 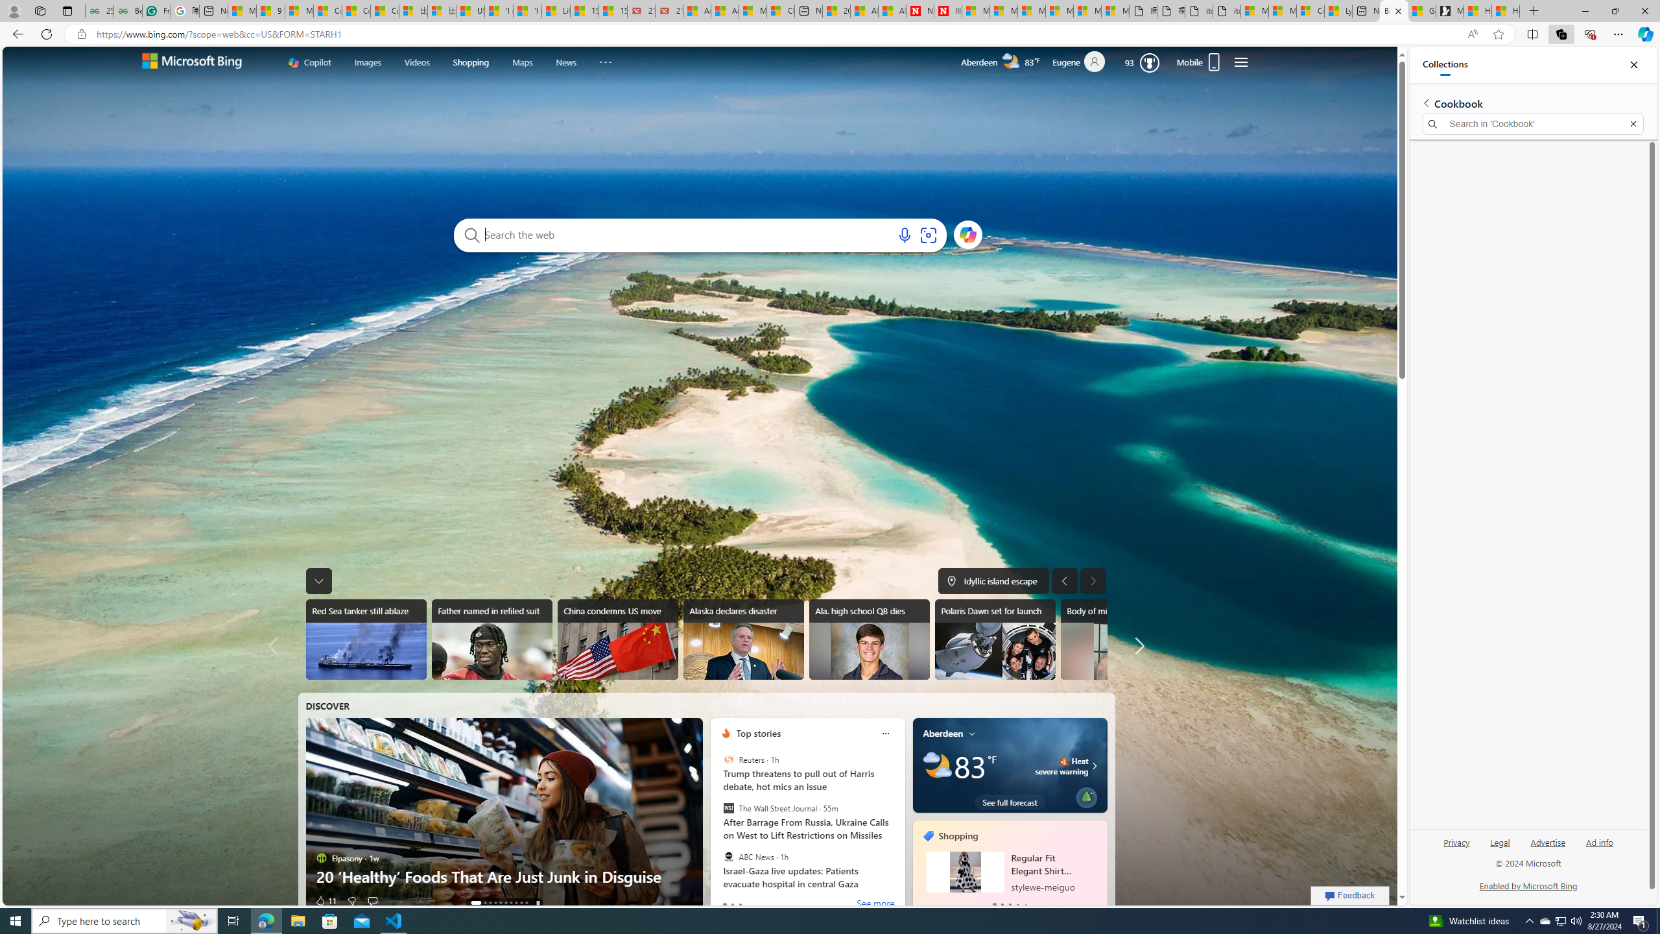 What do you see at coordinates (904, 234) in the screenshot?
I see `'Search using voice'` at bounding box center [904, 234].